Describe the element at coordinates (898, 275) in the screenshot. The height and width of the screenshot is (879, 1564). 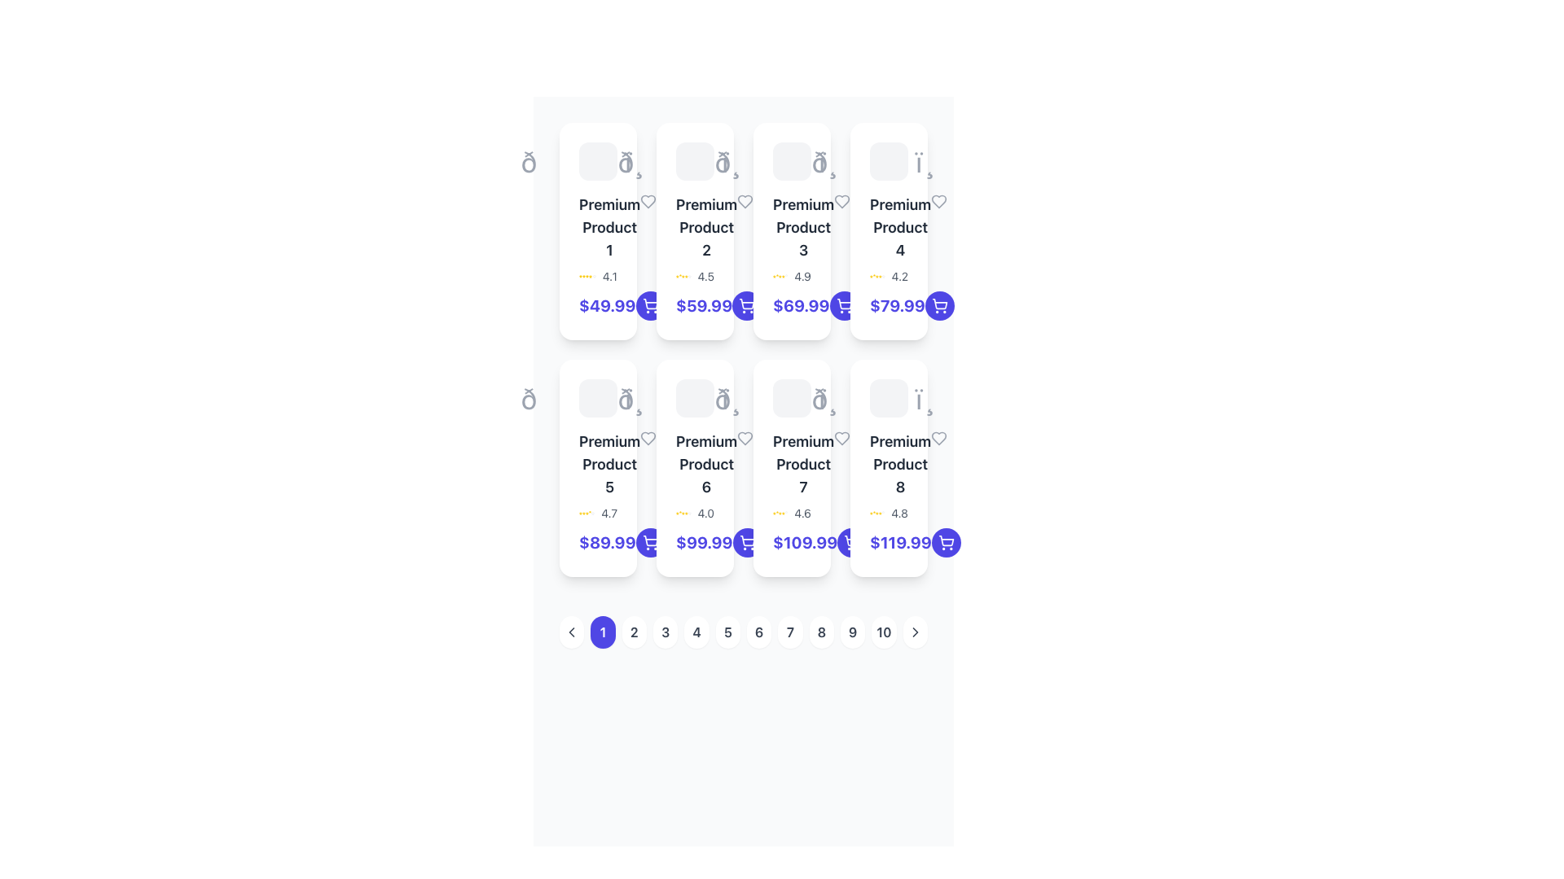
I see `the static text label displaying the rating value '4.2', which is located under the star icons in the product card UI component` at that location.